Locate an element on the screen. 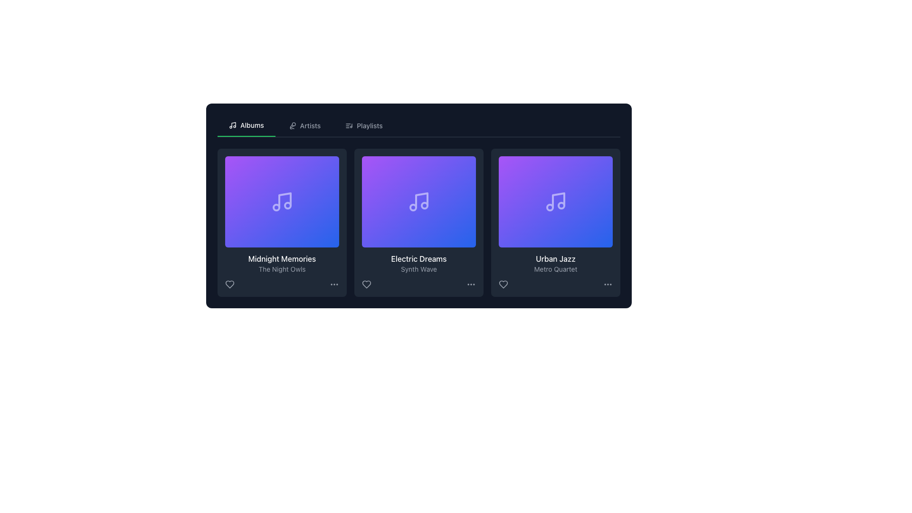 This screenshot has height=513, width=912. the text label 'Urban Jazz', which is styled with white font color and positioned above the smaller text 'Metro Quartet' in the third card of a horizontal list layout is located at coordinates (556, 258).